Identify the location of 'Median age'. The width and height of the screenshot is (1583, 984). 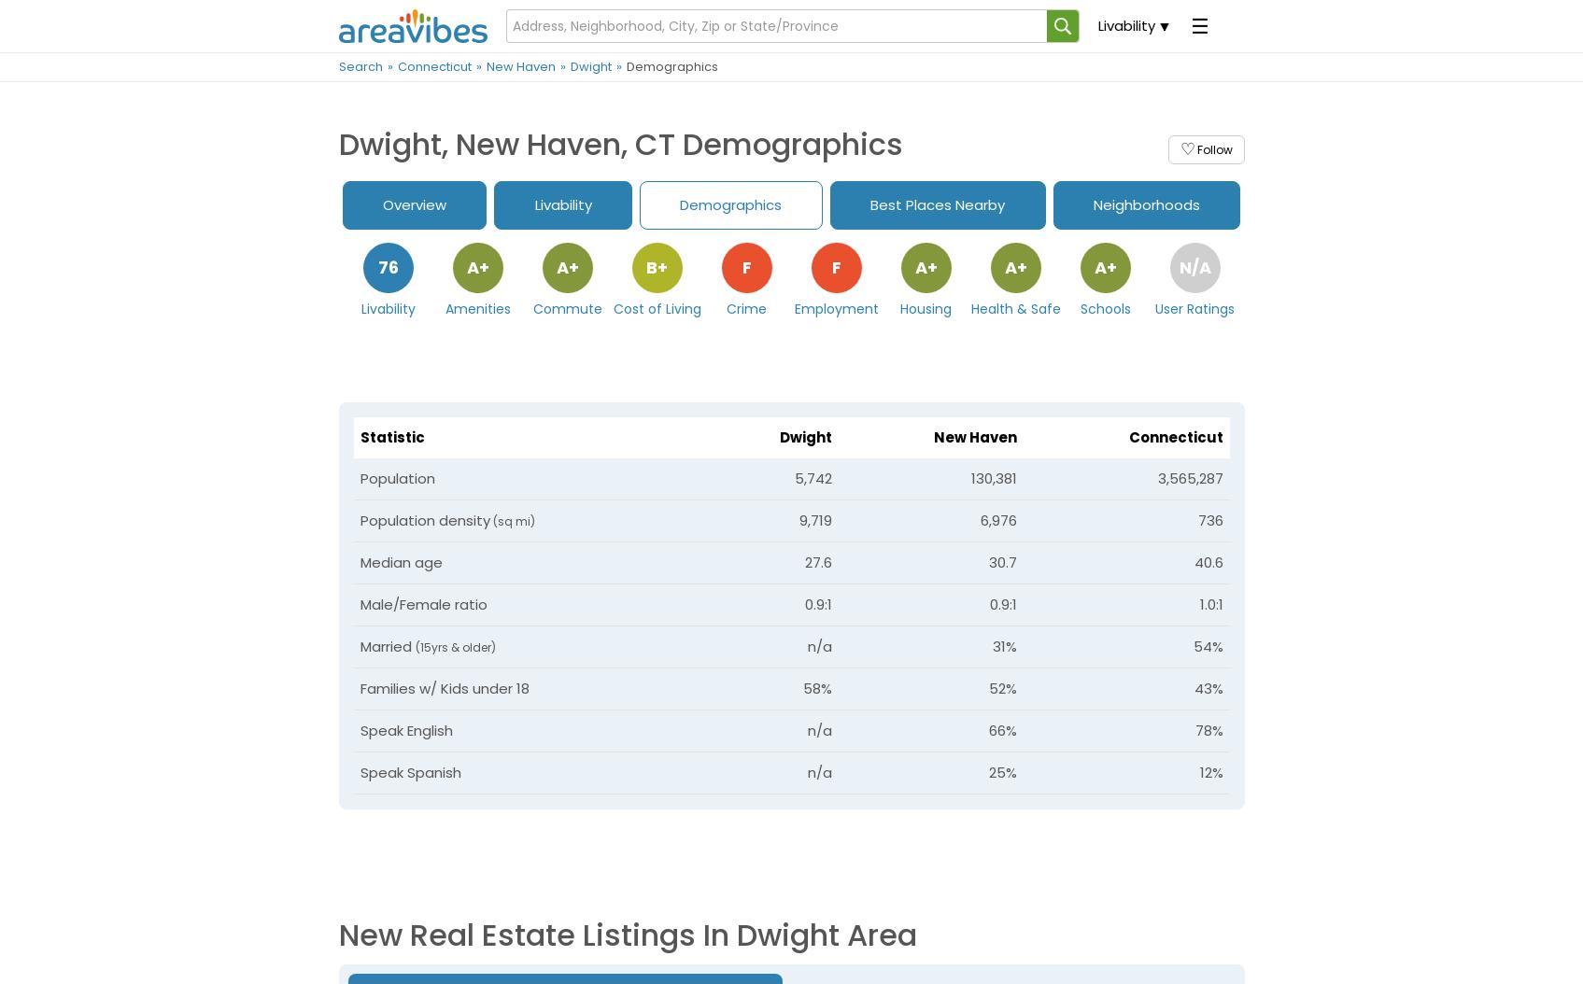
(401, 561).